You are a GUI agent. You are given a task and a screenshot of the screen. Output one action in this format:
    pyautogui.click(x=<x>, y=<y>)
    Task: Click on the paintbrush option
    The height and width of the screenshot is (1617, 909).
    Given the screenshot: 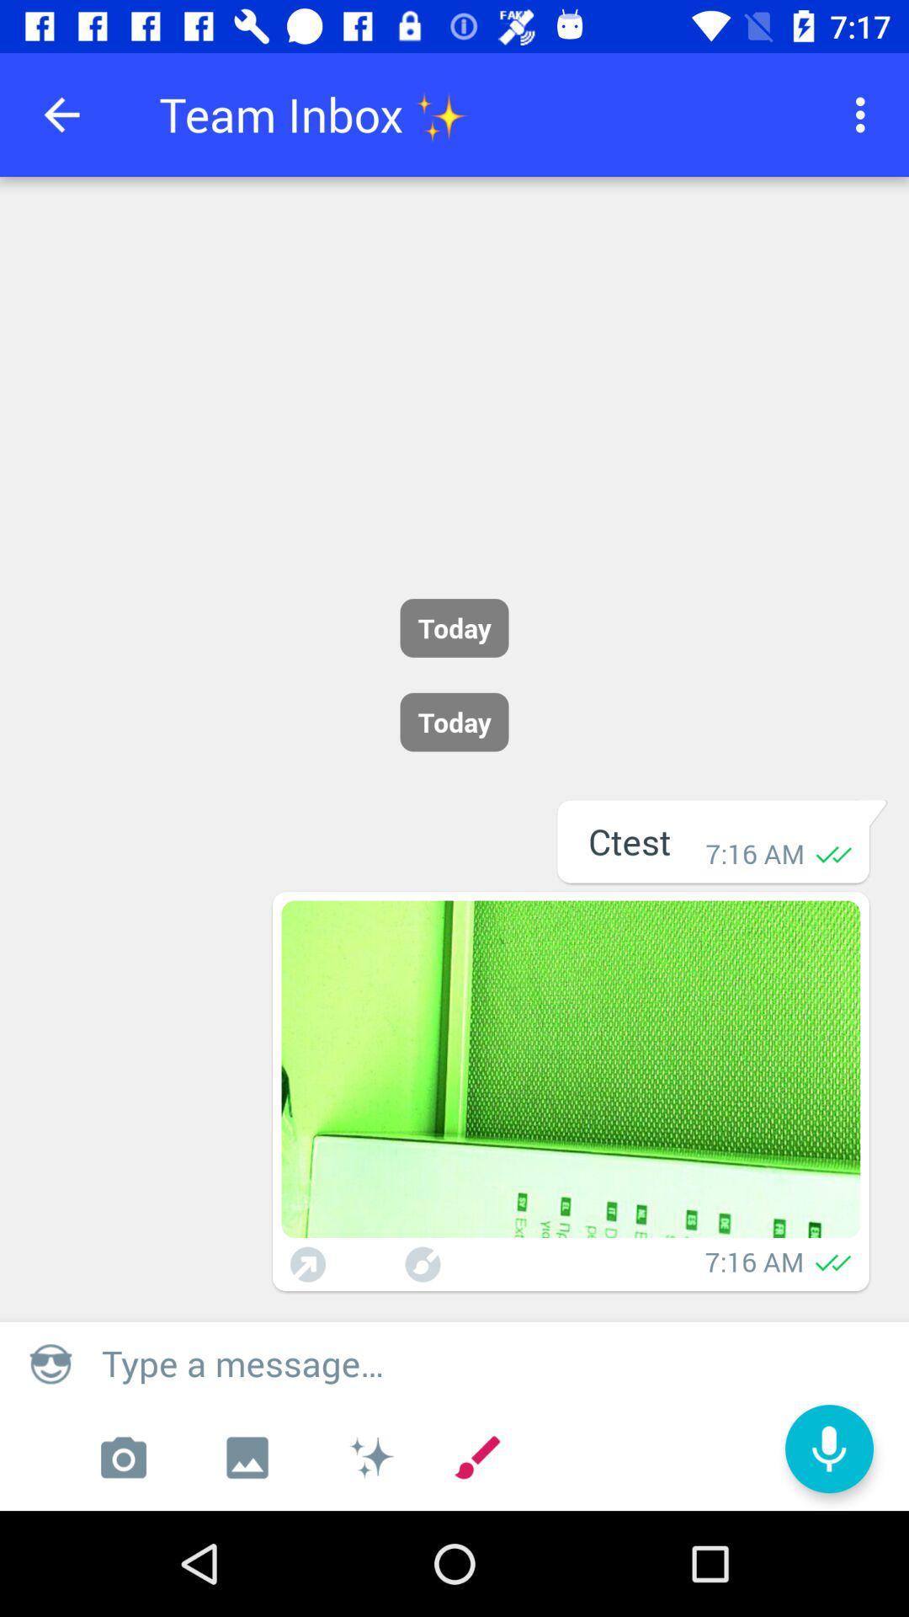 What is the action you would take?
    pyautogui.click(x=422, y=1264)
    